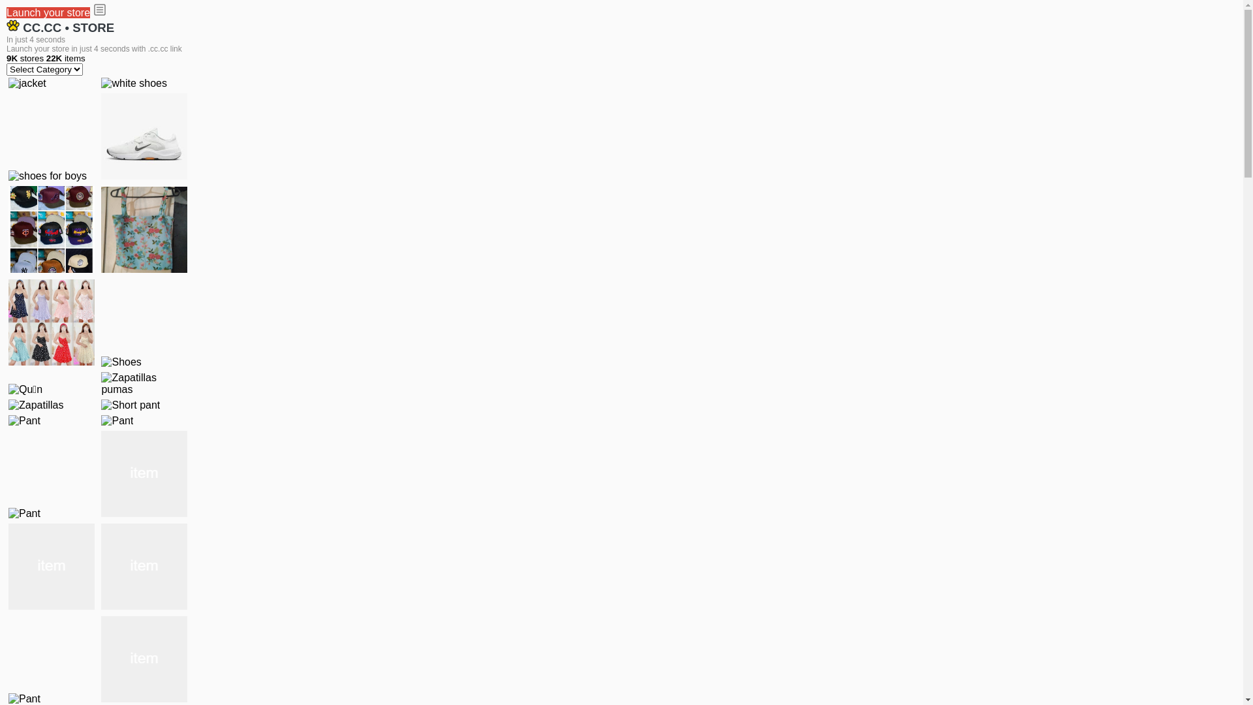  What do you see at coordinates (134, 83) in the screenshot?
I see `'white shoes'` at bounding box center [134, 83].